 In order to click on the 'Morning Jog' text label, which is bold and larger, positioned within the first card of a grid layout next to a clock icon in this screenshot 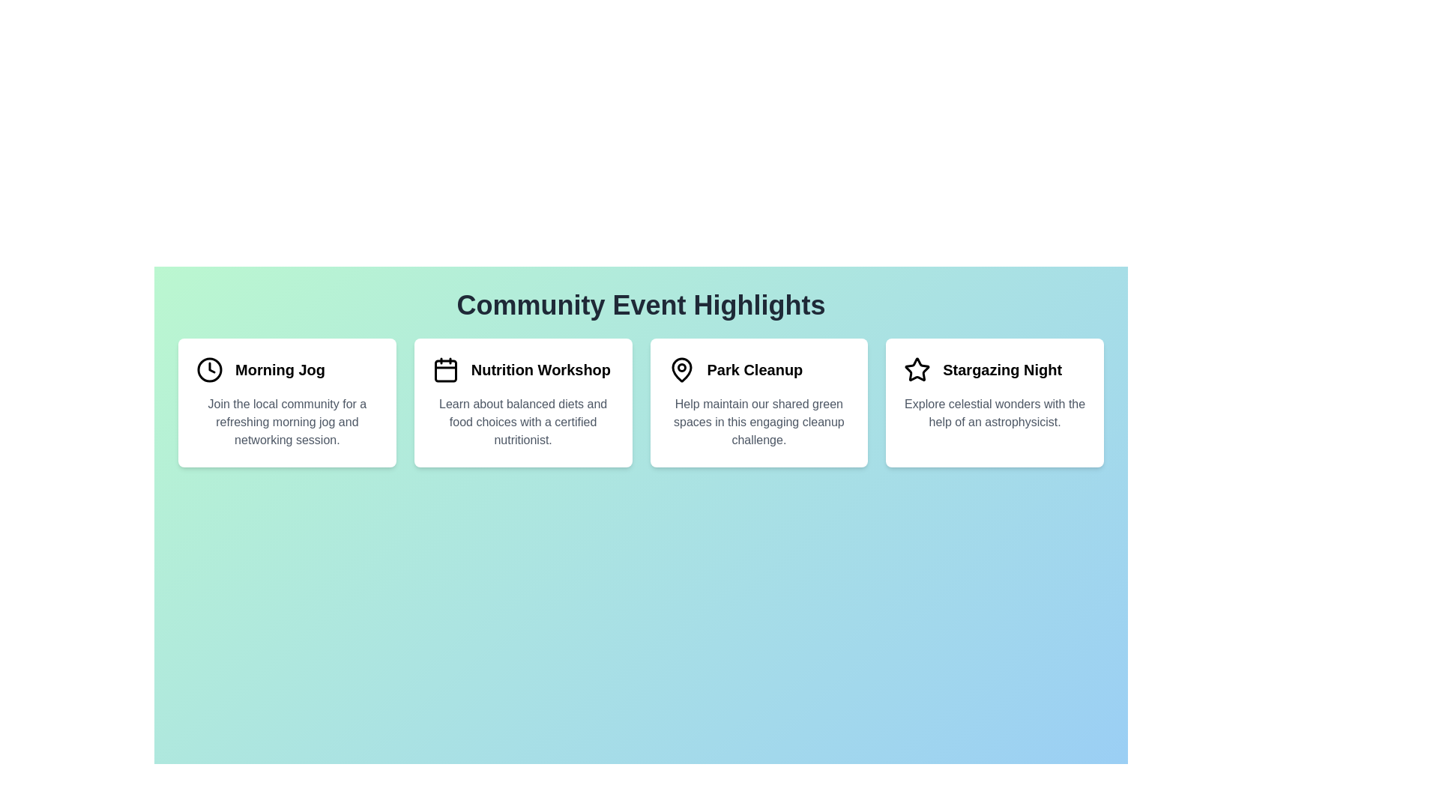, I will do `click(280, 369)`.